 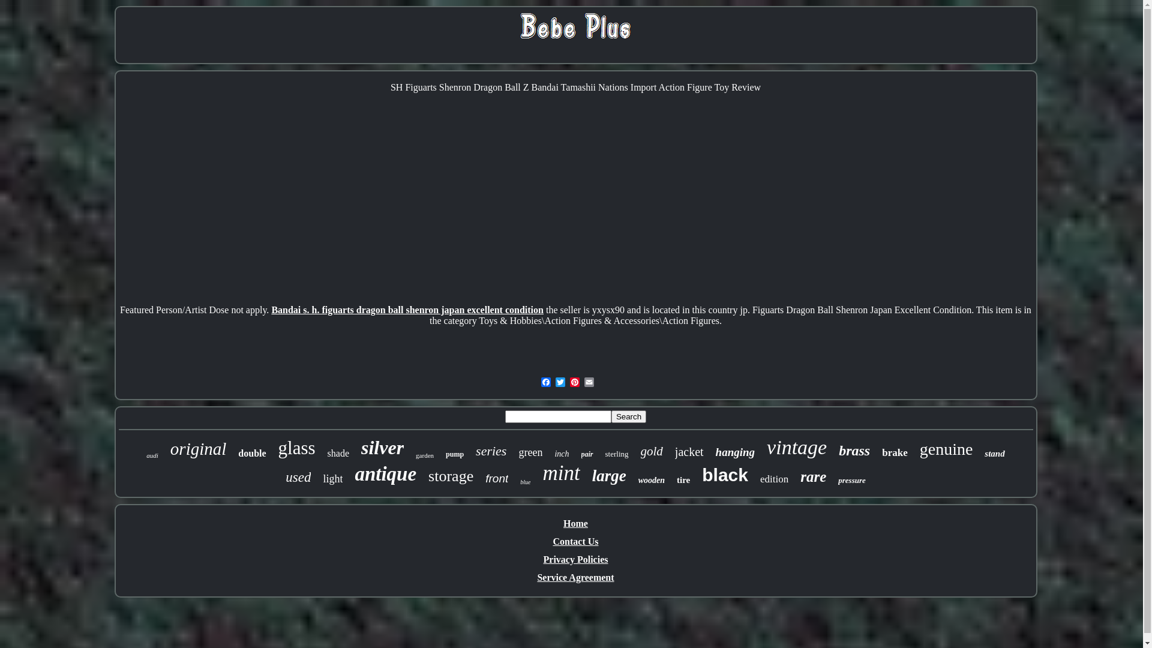 I want to click on 'silver', so click(x=360, y=448).